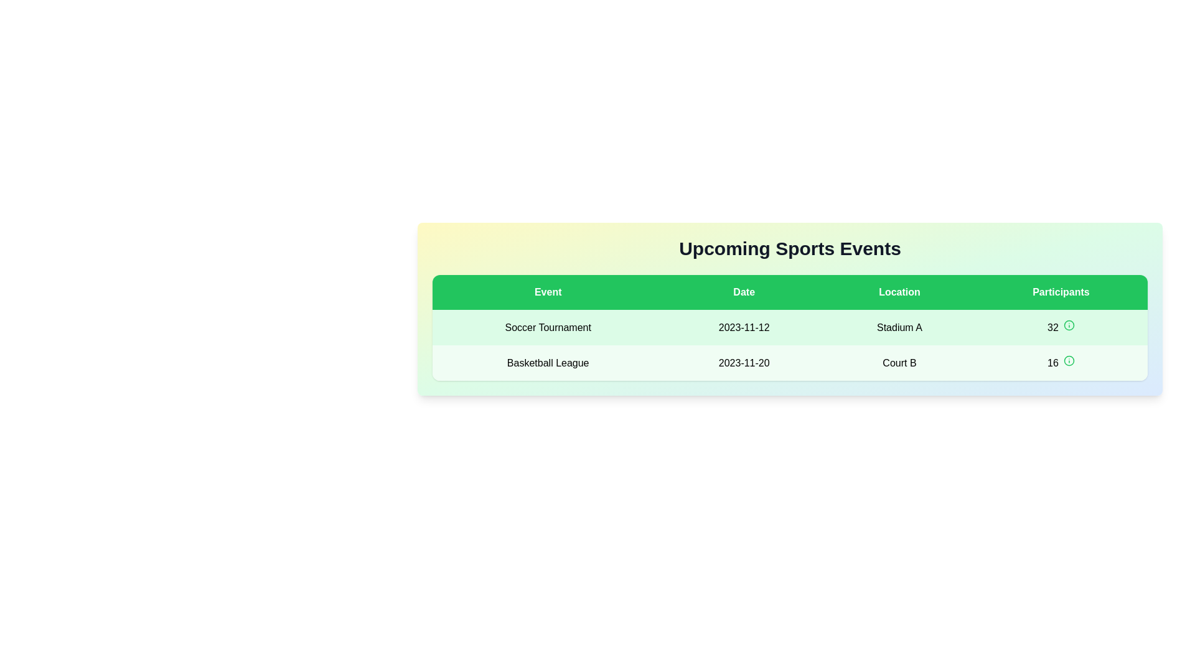  I want to click on the icon located in the 'Participants' column of the first row in the 'Upcoming Sports Events' table, so click(1068, 325).